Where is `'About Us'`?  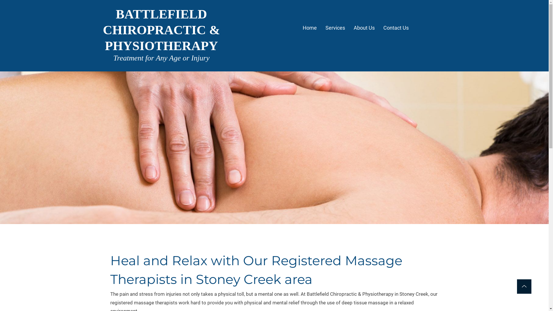
'About Us' is located at coordinates (364, 29).